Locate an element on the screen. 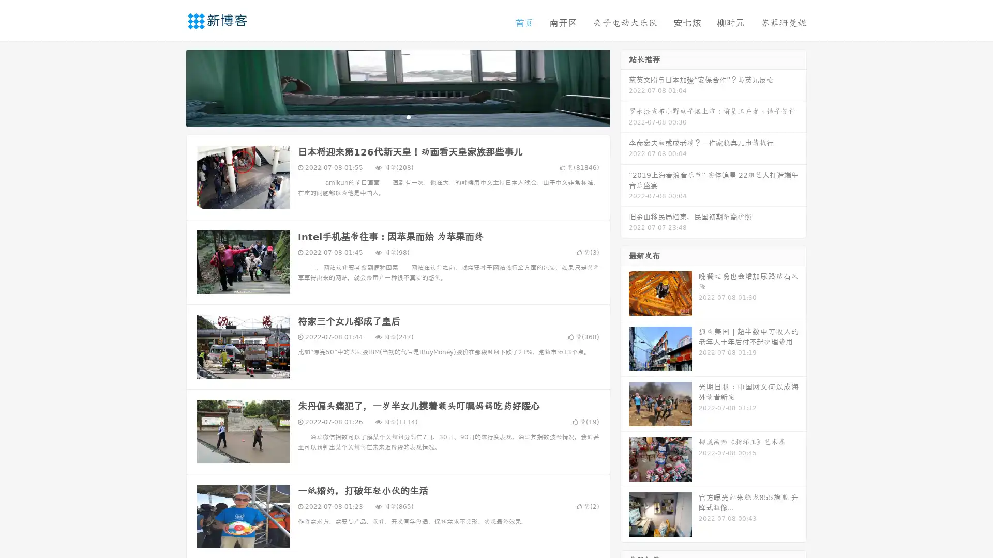 This screenshot has width=993, height=558. Previous slide is located at coordinates (171, 87).